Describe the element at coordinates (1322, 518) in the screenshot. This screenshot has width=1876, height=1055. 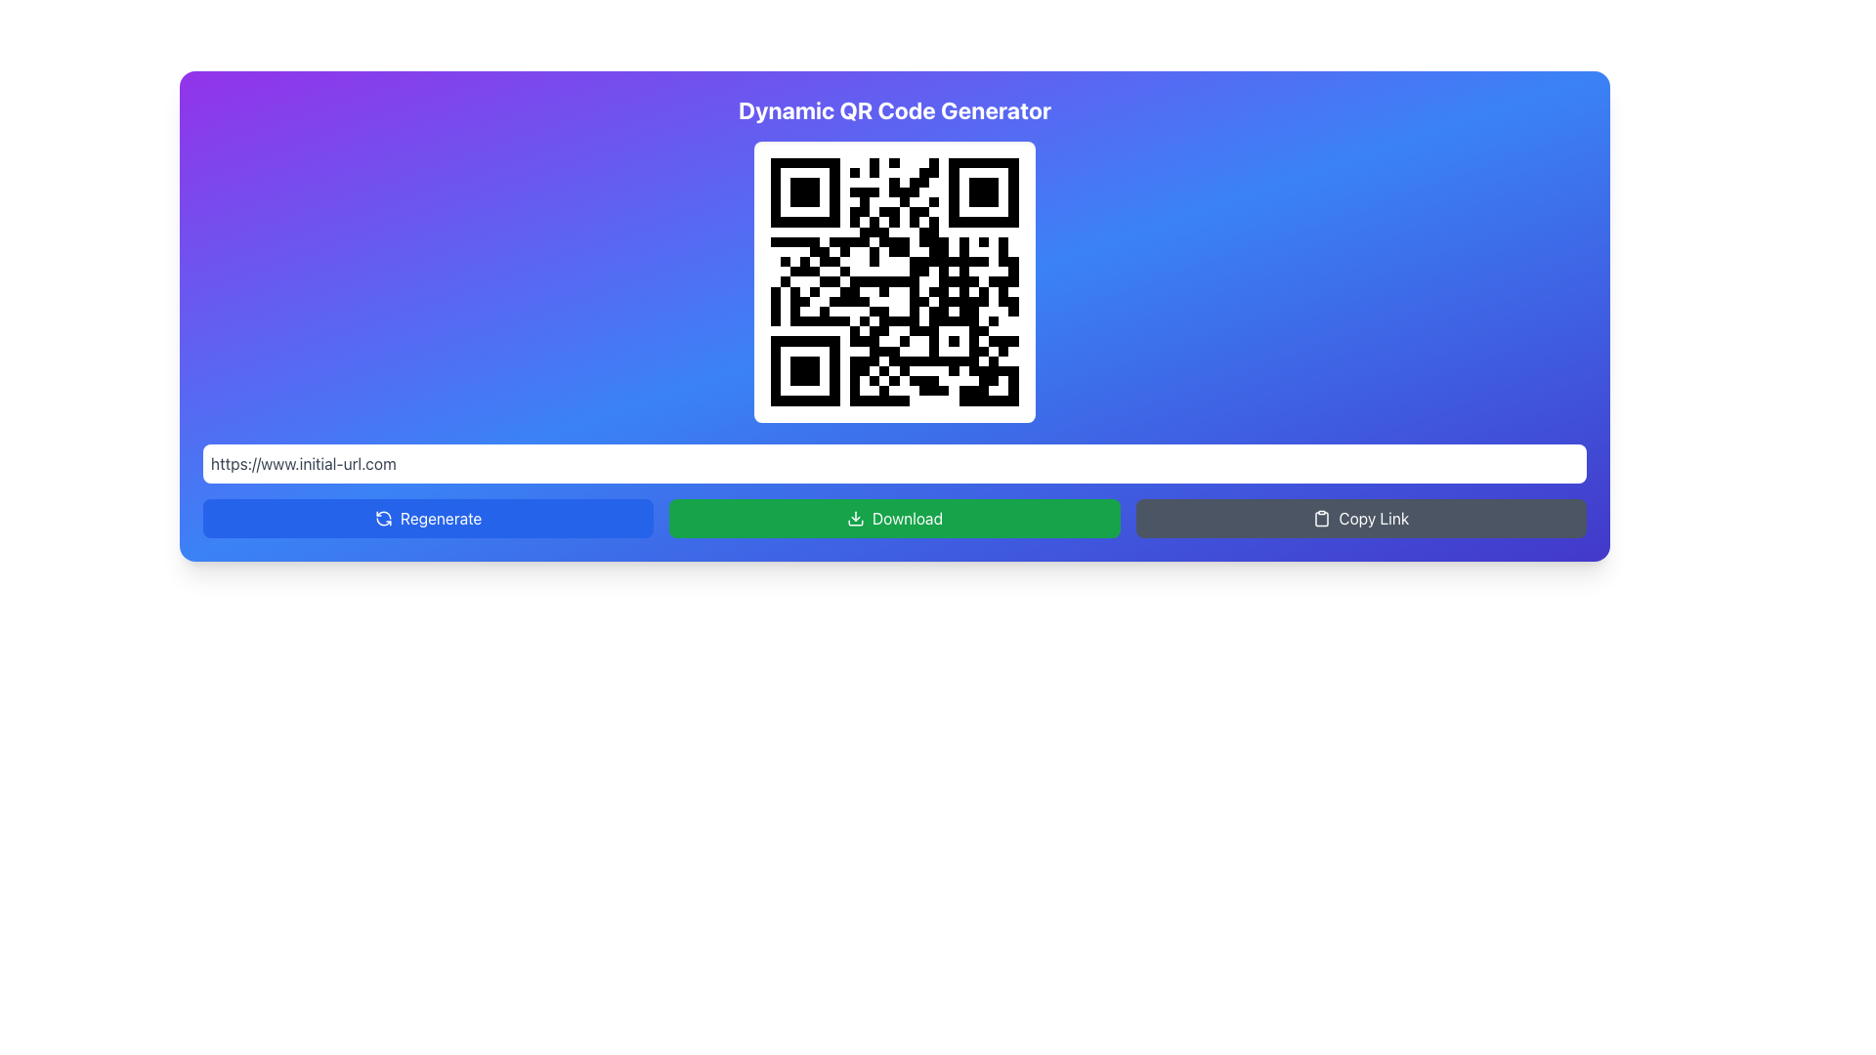
I see `the clipboard icon located inside the 'Copy Link' button, positioned to the left of the 'Copy Link' text` at that location.